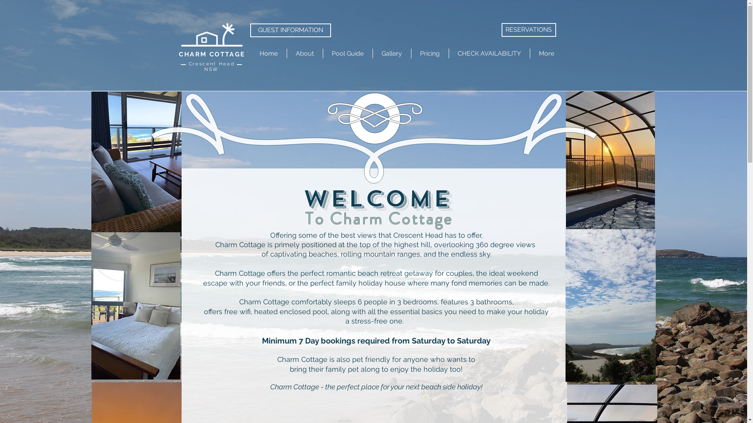 This screenshot has width=753, height=423. Describe the element at coordinates (429, 53) in the screenshot. I see `'Pricing'` at that location.